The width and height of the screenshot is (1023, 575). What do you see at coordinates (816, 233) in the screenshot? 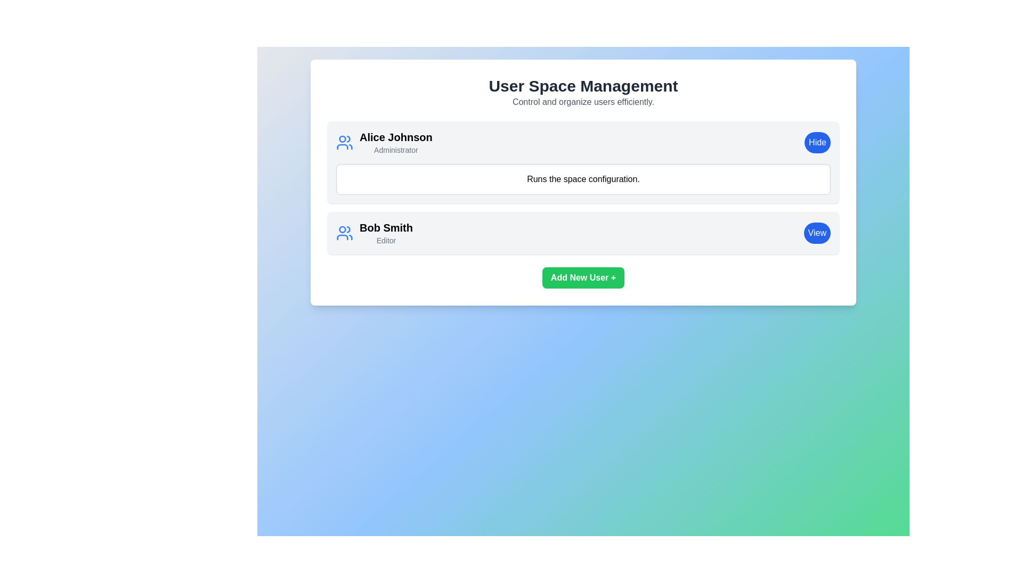
I see `the blue button located in the bottom-right corner of the section dedicated to 'Bob Smith', next to the text 'Editor'` at bounding box center [816, 233].